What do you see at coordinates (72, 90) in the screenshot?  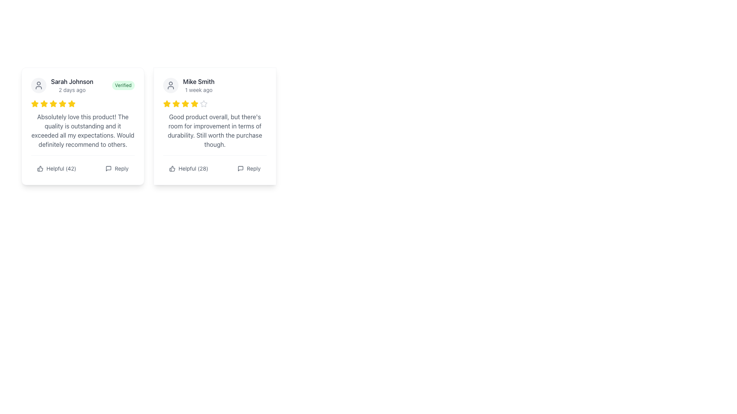 I see `the text label displaying '2 days ago', which is a small light gray font located below 'Sarah Johnson' in the review card layout` at bounding box center [72, 90].